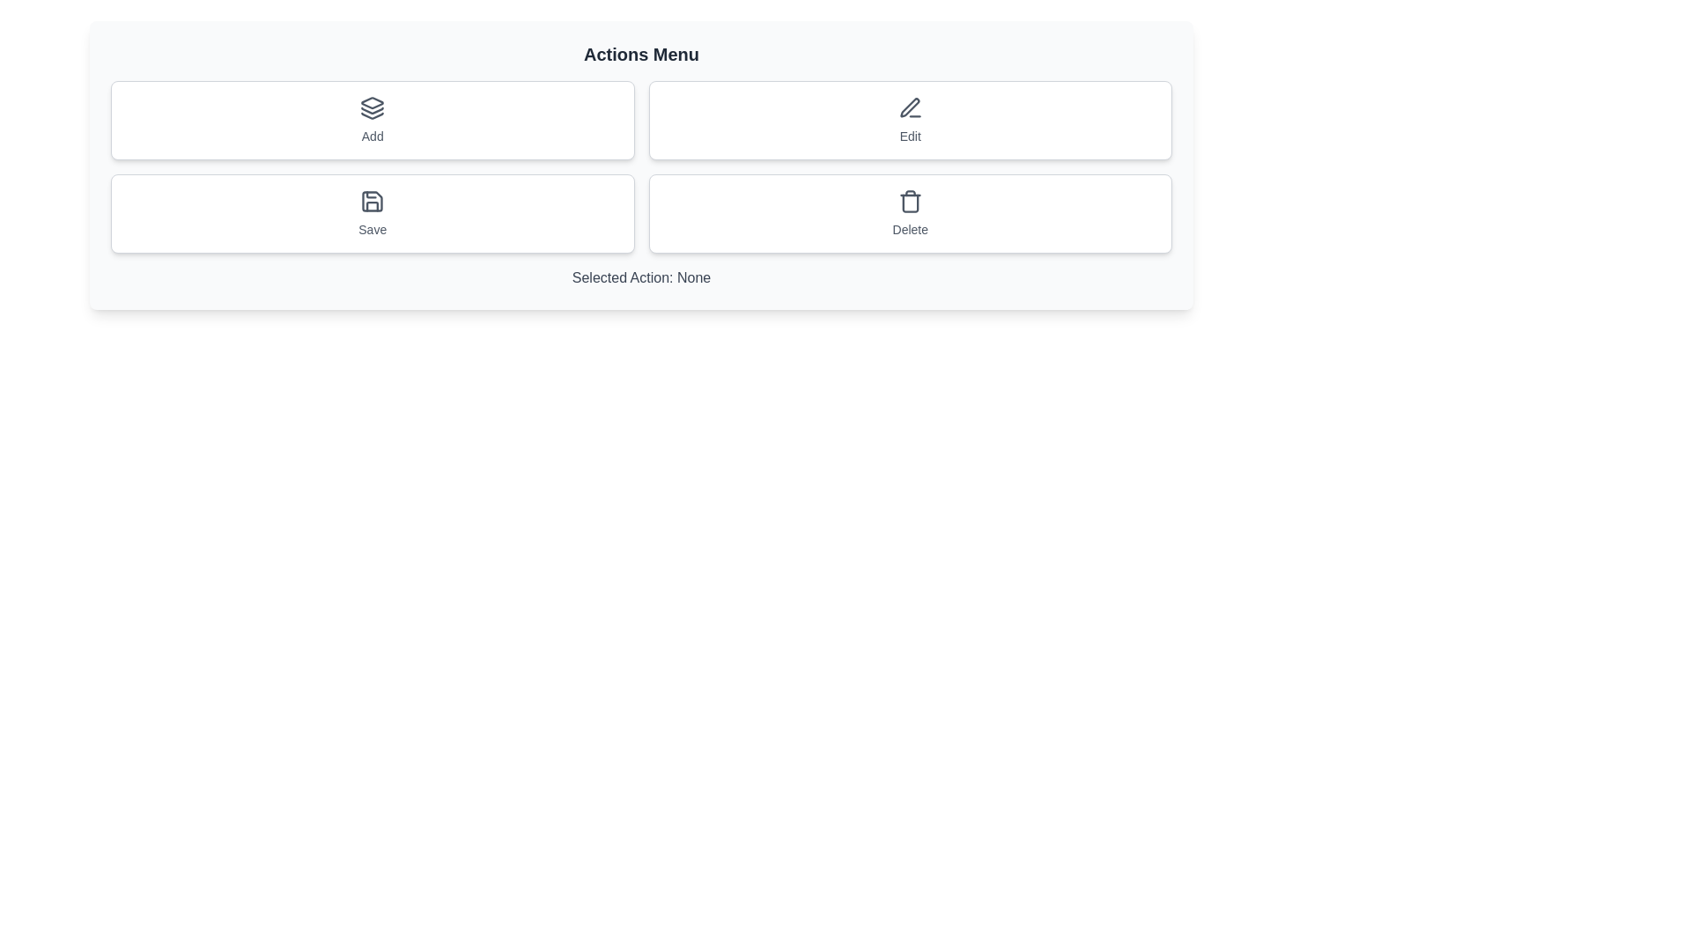  Describe the element at coordinates (910, 120) in the screenshot. I see `the Edit button to perform the associated action` at that location.